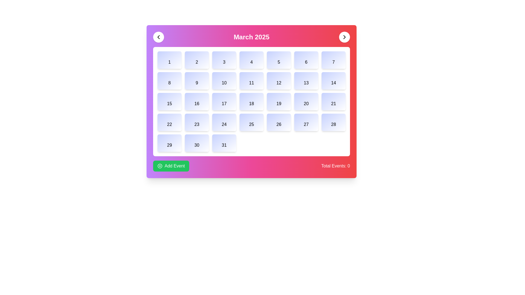 The image size is (525, 295). What do you see at coordinates (158, 37) in the screenshot?
I see `the Chevron Left icon` at bounding box center [158, 37].